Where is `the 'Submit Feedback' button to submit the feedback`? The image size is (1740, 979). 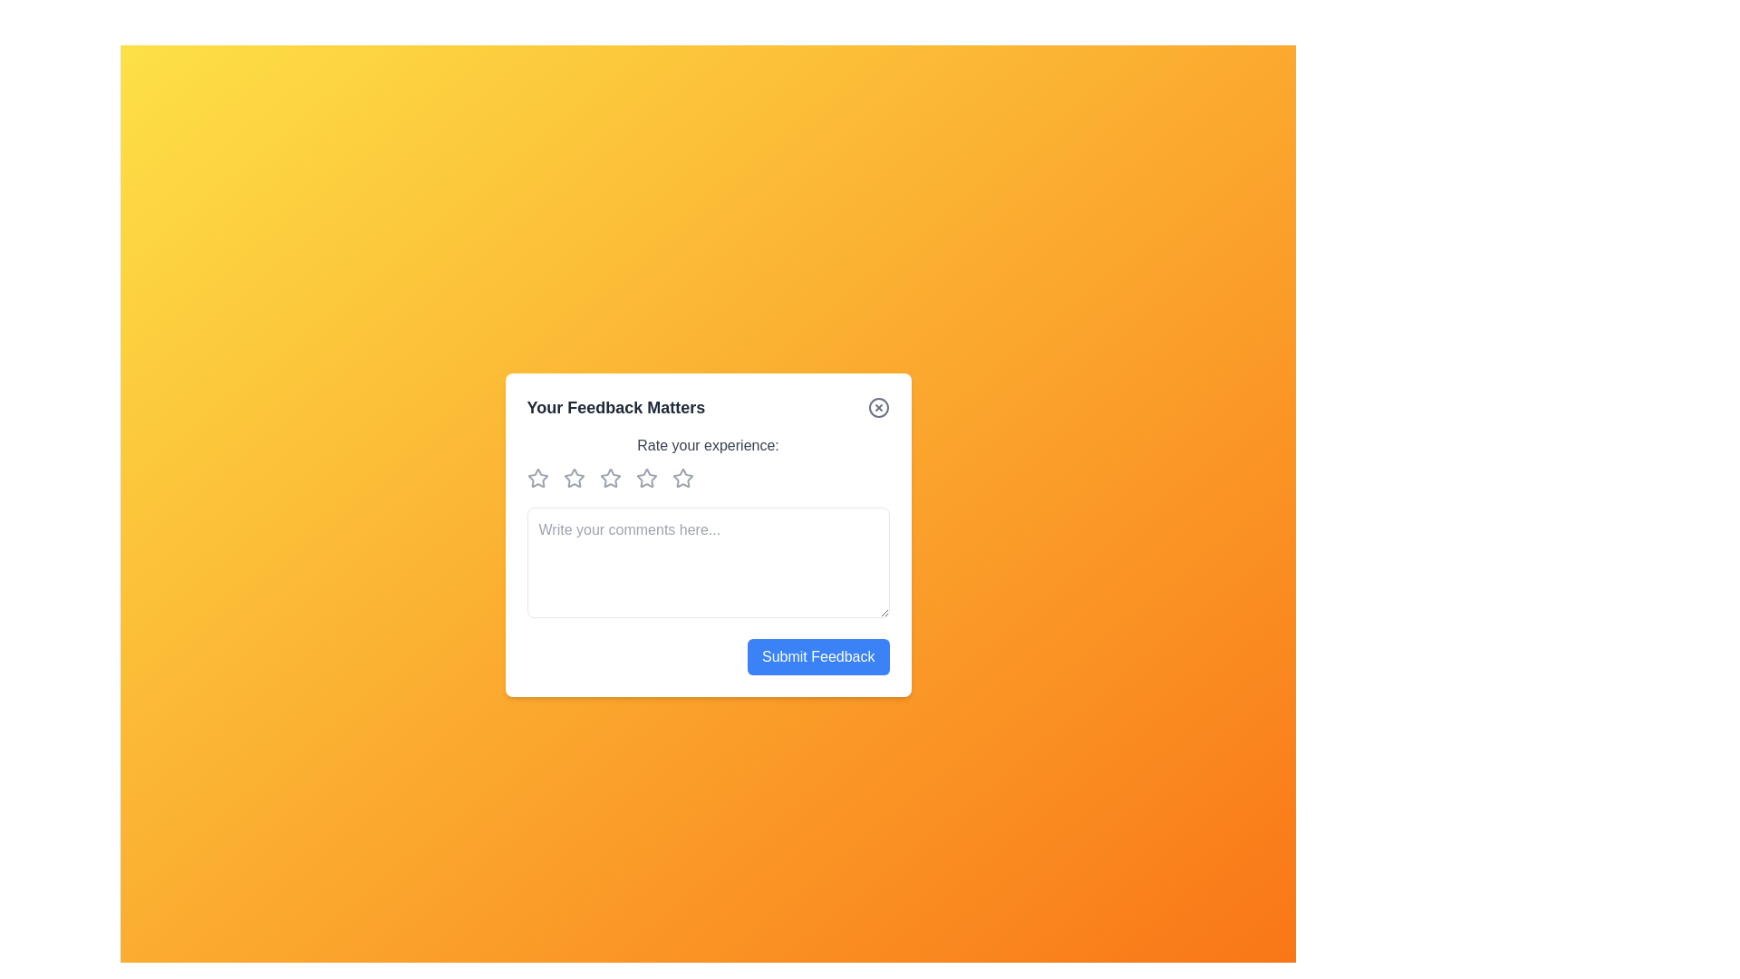 the 'Submit Feedback' button to submit the feedback is located at coordinates (817, 656).